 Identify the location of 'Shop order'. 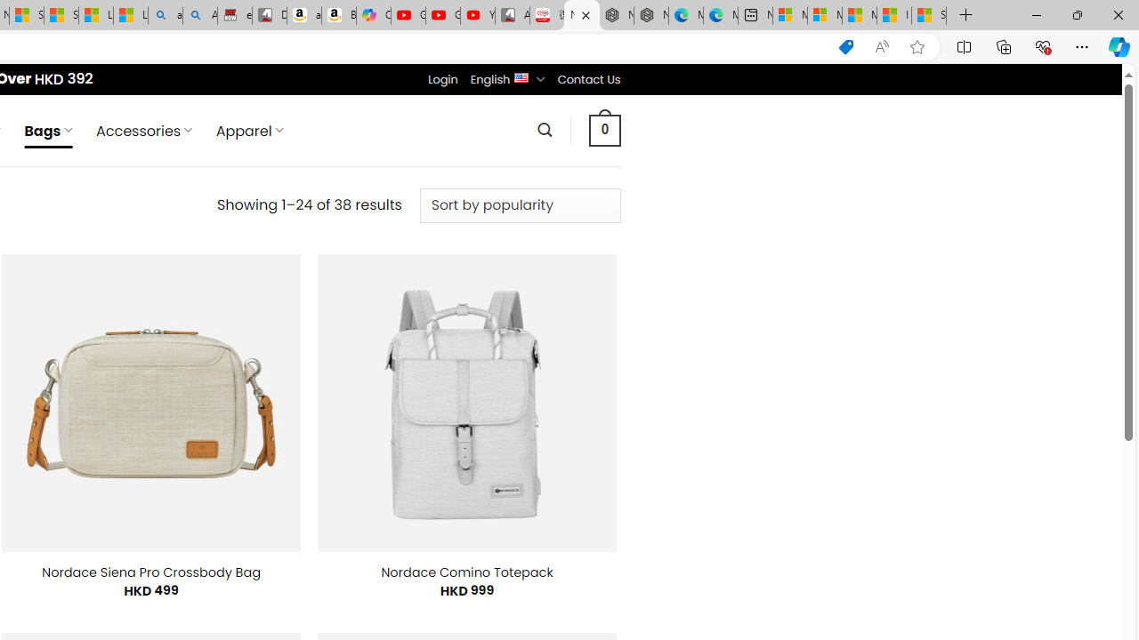
(519, 204).